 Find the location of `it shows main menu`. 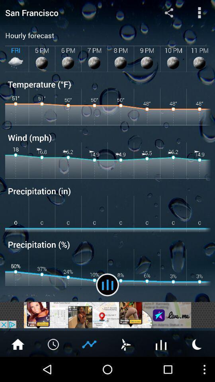

it shows main menu is located at coordinates (199, 12).